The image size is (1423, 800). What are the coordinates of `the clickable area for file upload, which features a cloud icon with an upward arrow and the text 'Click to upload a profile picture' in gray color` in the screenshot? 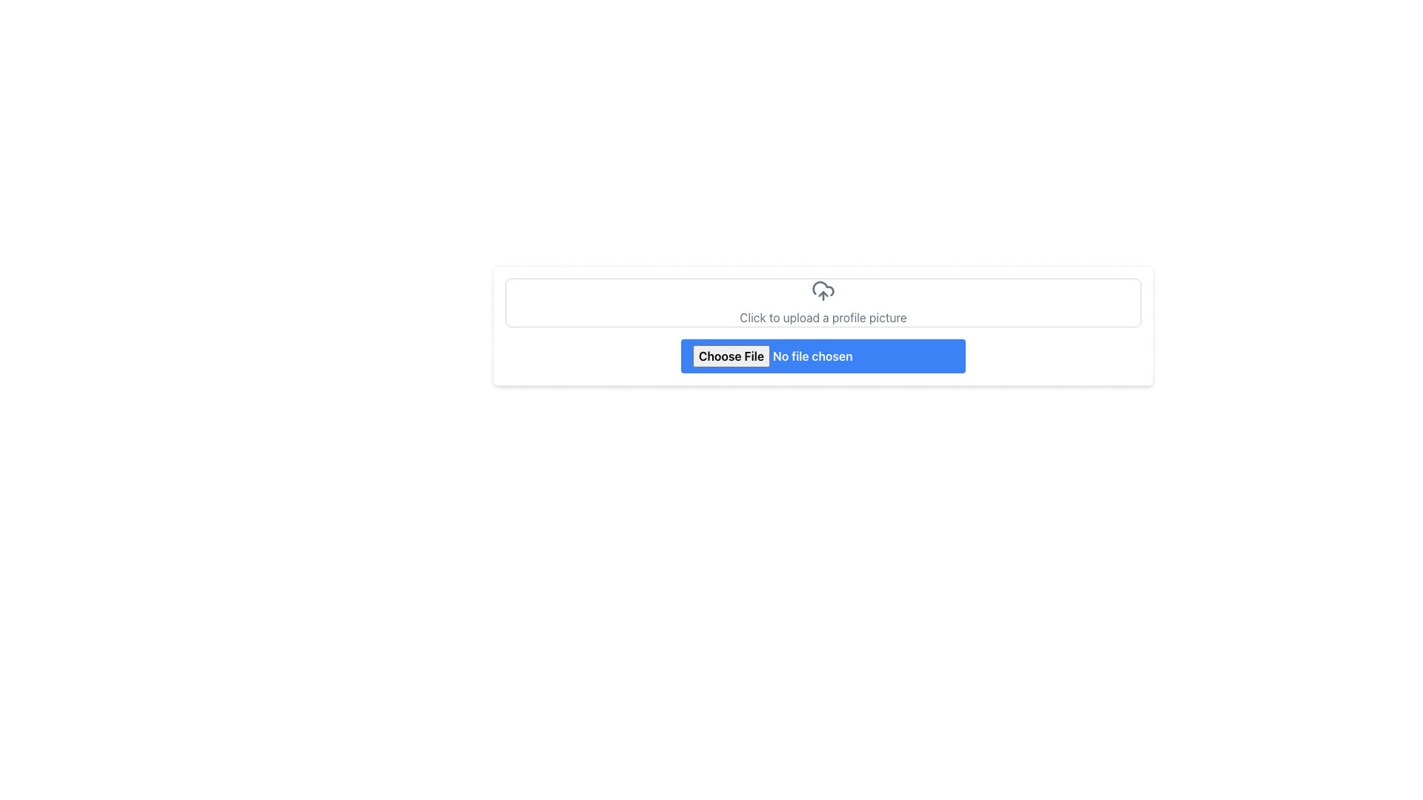 It's located at (822, 301).